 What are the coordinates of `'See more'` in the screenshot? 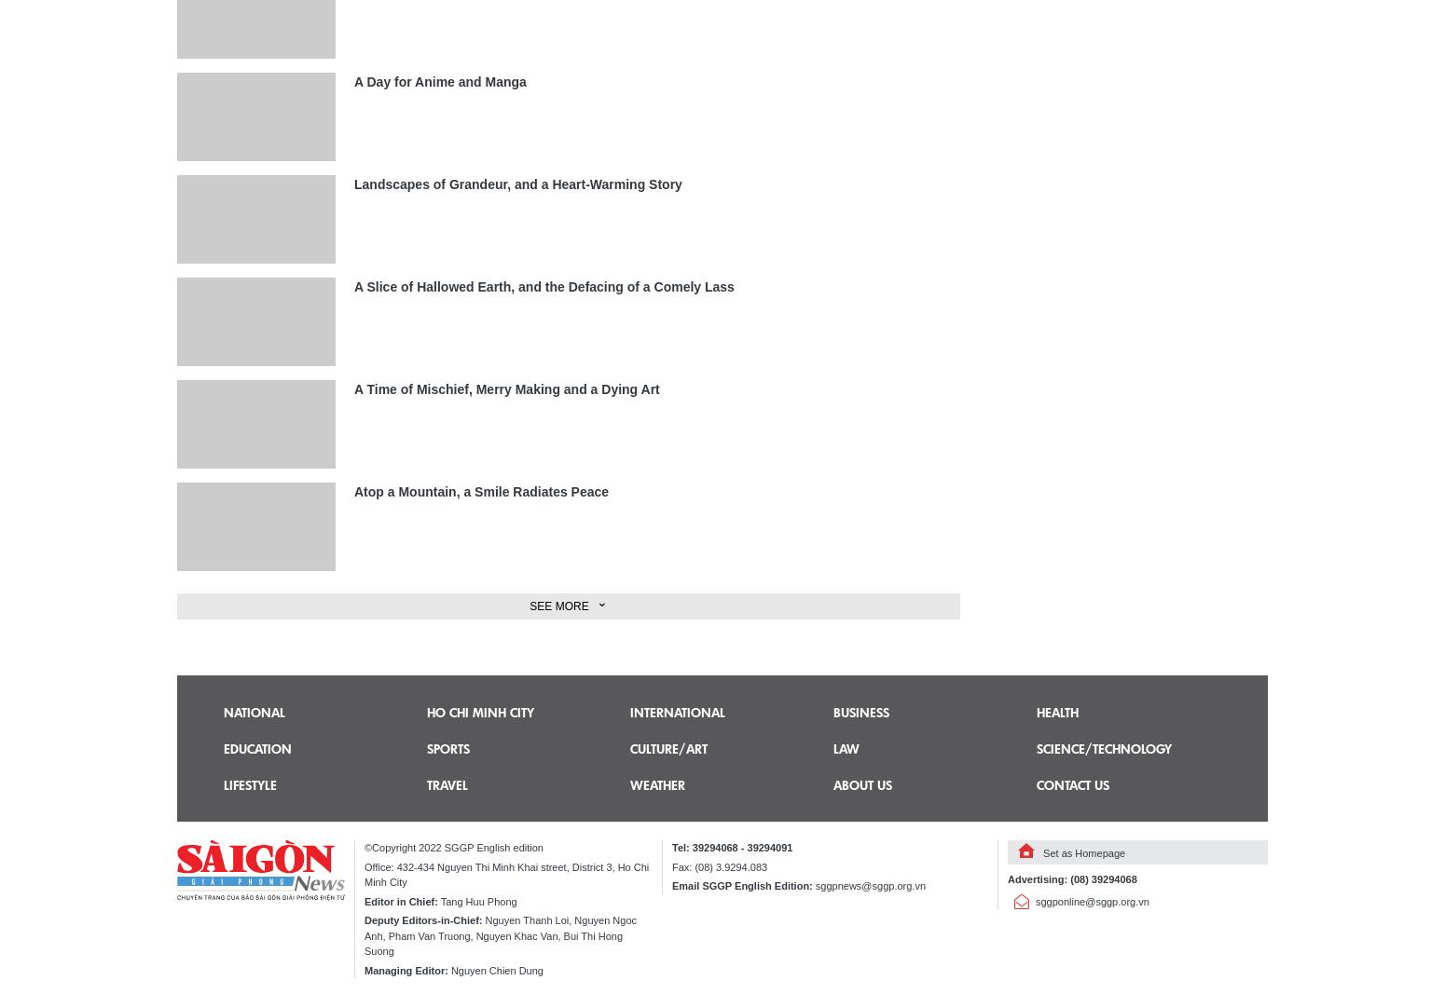 It's located at (558, 606).